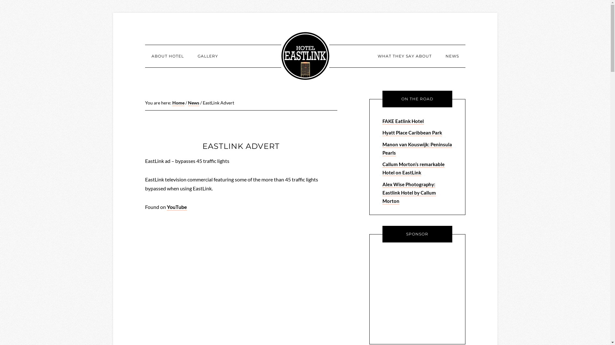 The width and height of the screenshot is (615, 345). Describe the element at coordinates (281, 55) in the screenshot. I see `'HOTEL EASTLINK'` at that location.